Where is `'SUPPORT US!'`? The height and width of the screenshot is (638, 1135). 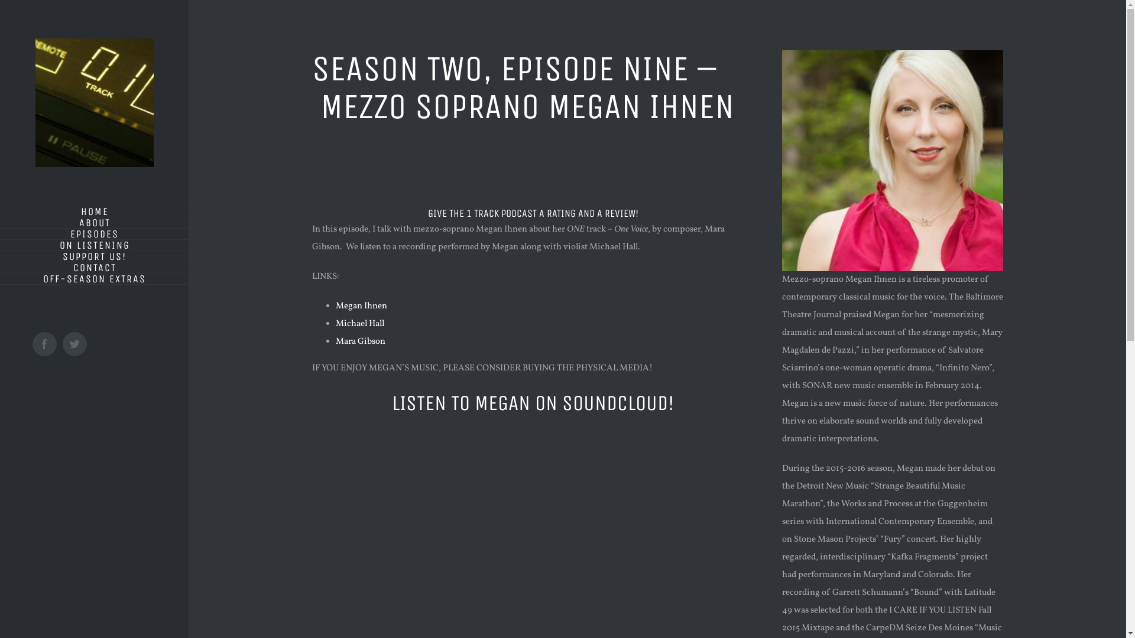 'SUPPORT US!' is located at coordinates (93, 256).